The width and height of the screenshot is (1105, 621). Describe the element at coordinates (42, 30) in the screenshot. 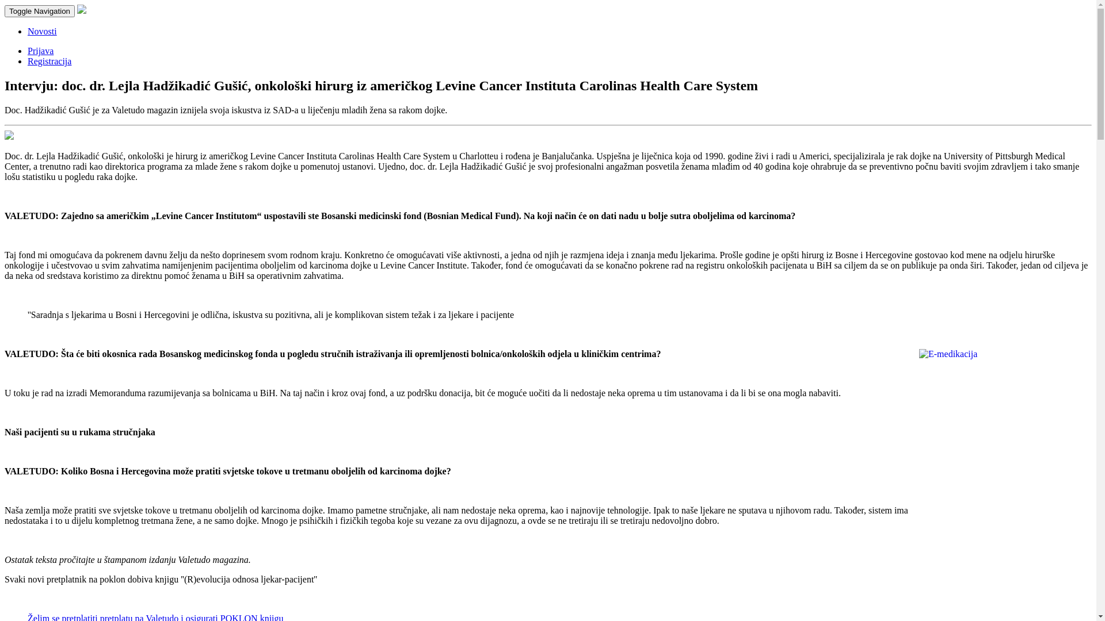

I see `'Novosti'` at that location.